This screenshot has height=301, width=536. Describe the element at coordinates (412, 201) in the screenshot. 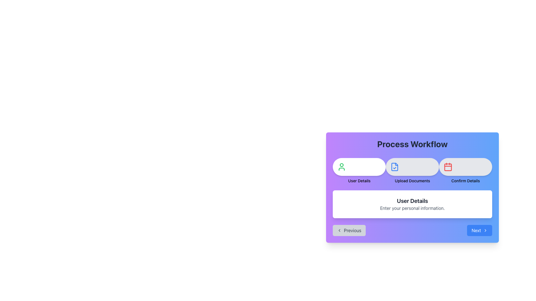

I see `the 'User Details' text header, which is prominently displayed in large, bold text with a dark font color against a white background` at that location.